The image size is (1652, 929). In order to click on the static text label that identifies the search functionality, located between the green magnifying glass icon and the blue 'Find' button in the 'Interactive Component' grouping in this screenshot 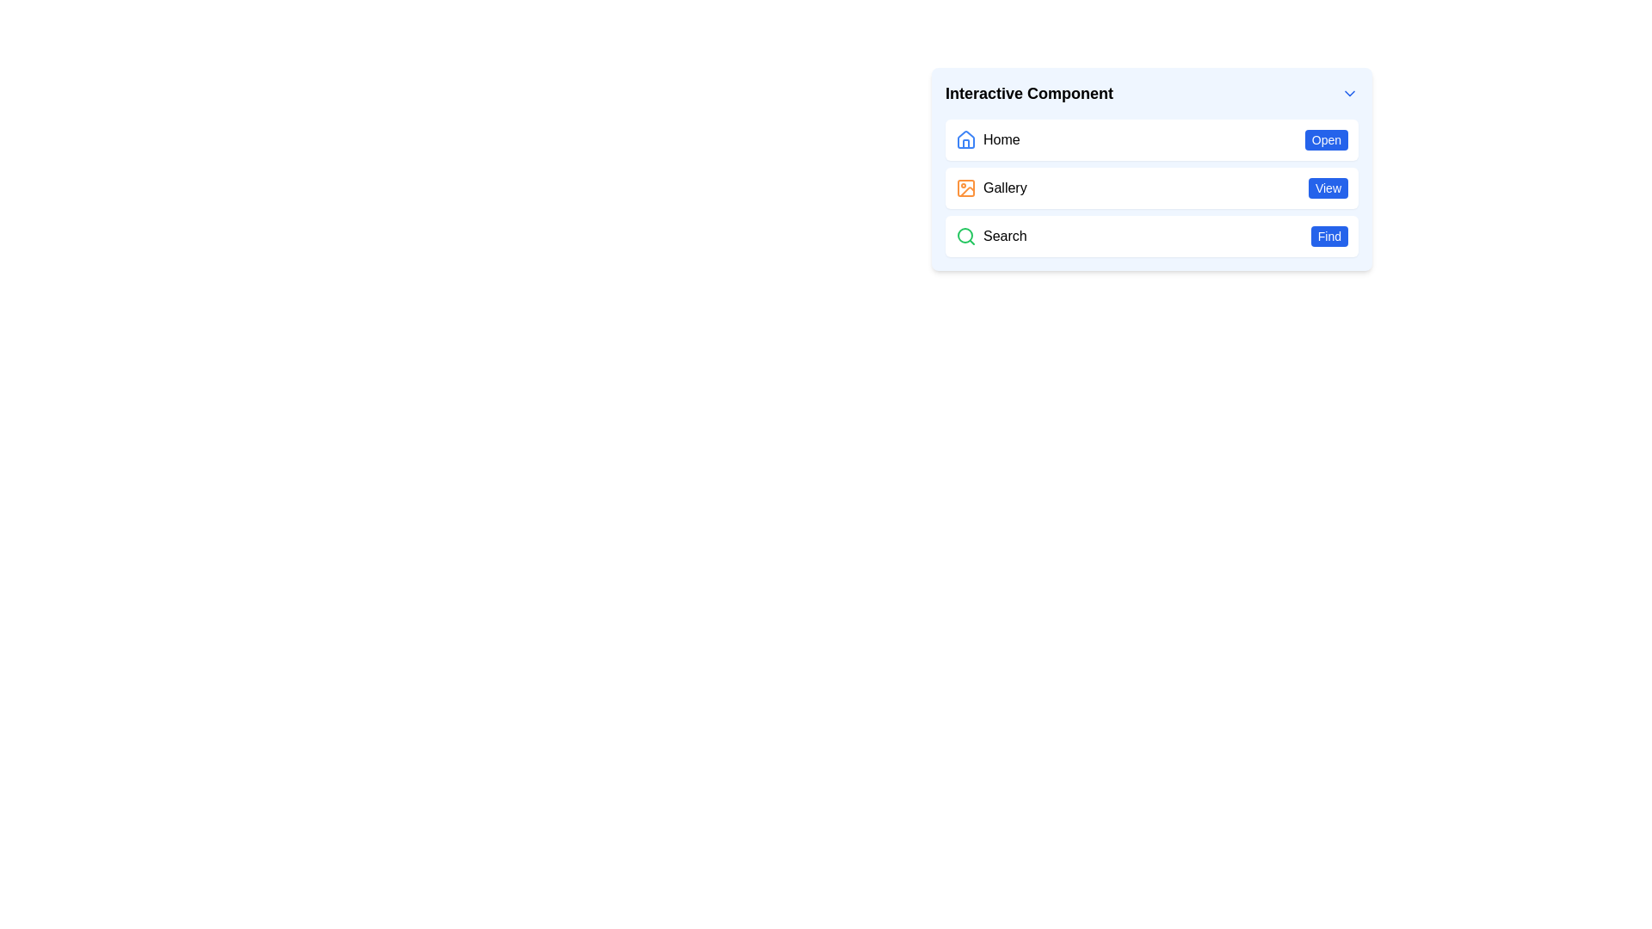, I will do `click(1005, 236)`.